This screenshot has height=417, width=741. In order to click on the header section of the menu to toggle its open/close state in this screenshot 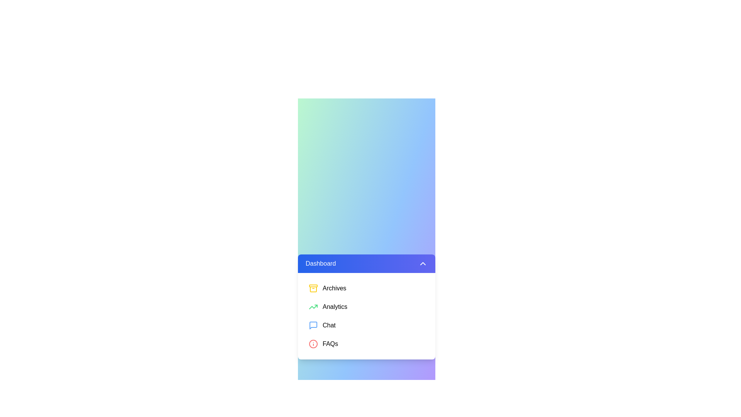, I will do `click(366, 263)`.